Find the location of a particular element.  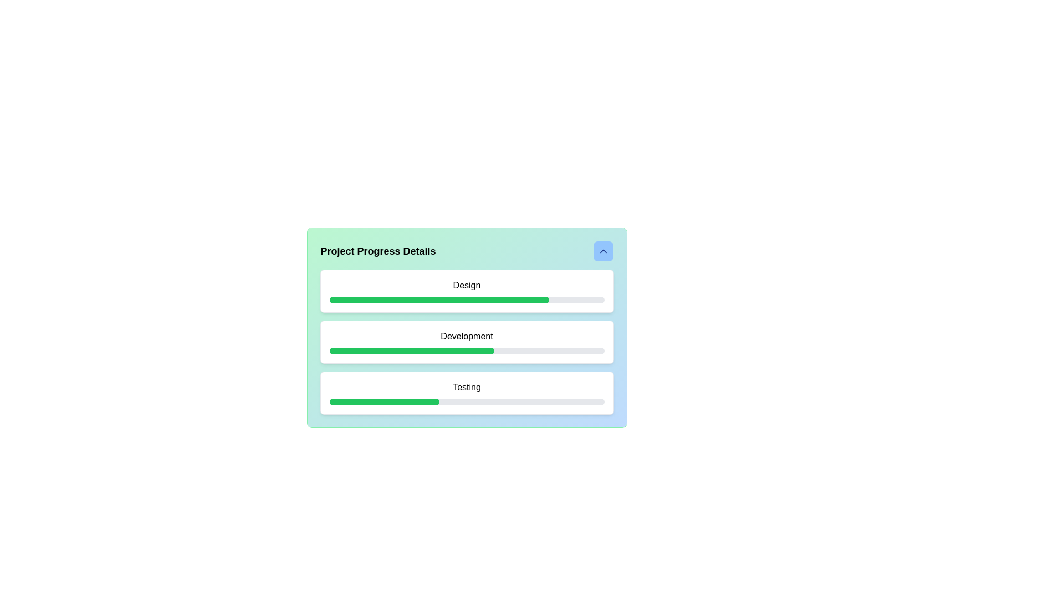

visual progress levels of the grouped informational component displaying progress for Design, Development, and Testing under the header 'Project Progress Details' is located at coordinates (467, 341).